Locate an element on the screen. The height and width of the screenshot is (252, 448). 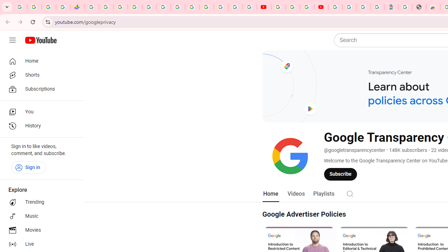
'Google Advertiser Policies' is located at coordinates (304, 214).